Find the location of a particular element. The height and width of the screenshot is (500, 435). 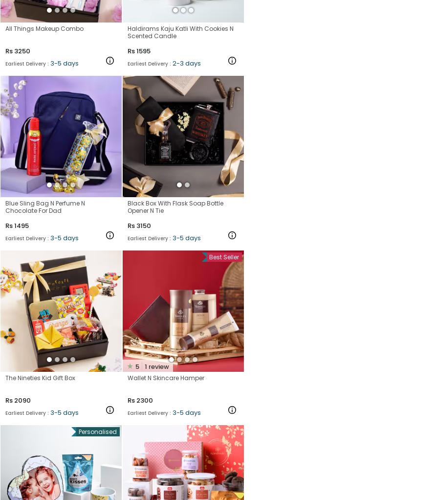

'5' is located at coordinates (136, 365).